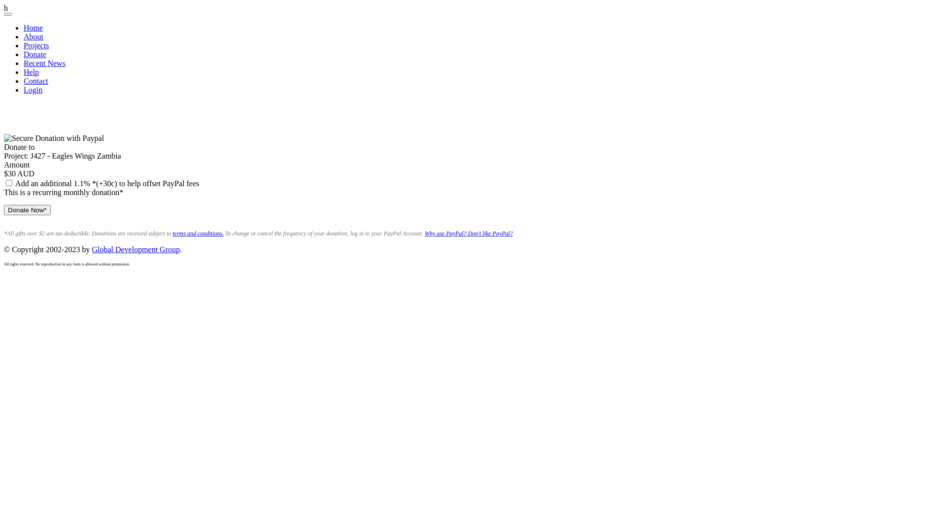 The image size is (946, 532). What do you see at coordinates (44, 63) in the screenshot?
I see `'Recent News'` at bounding box center [44, 63].